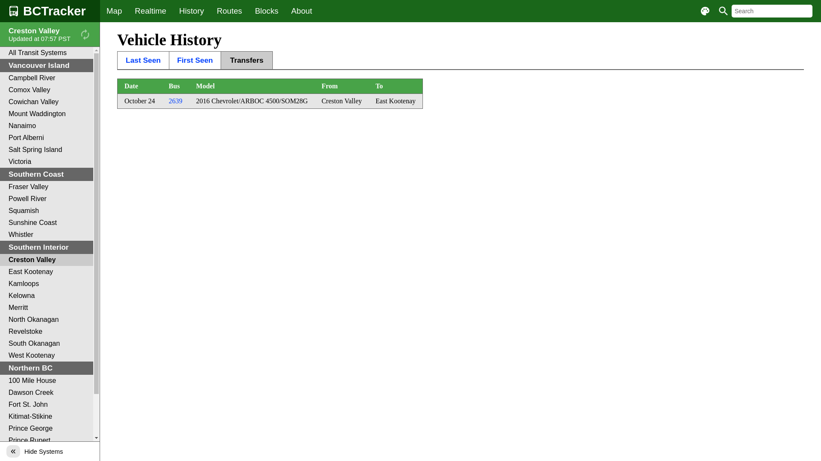 Image resolution: width=821 pixels, height=461 pixels. What do you see at coordinates (0, 113) in the screenshot?
I see `'Mount Waddington'` at bounding box center [0, 113].